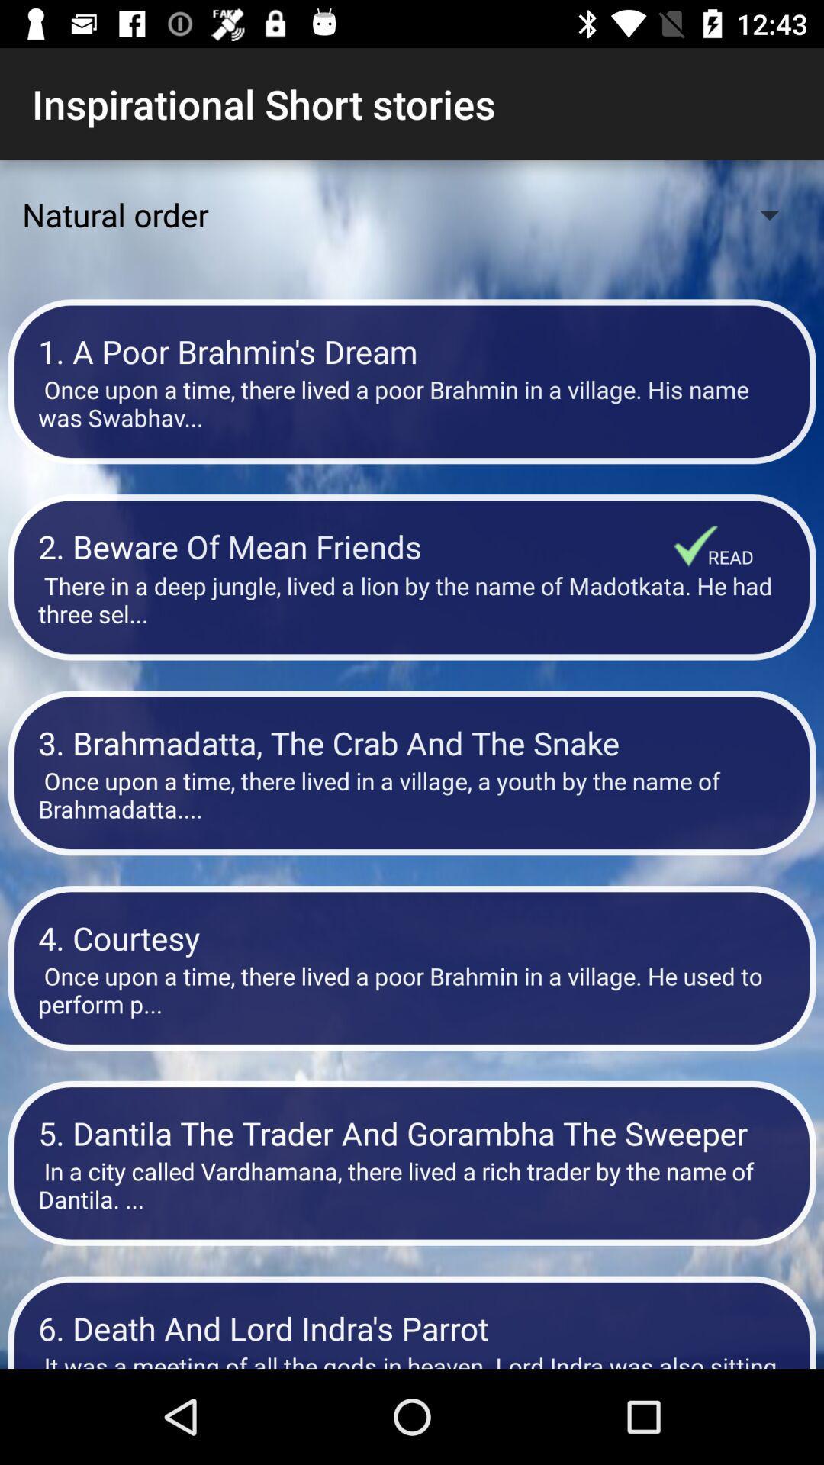 The width and height of the screenshot is (824, 1465). Describe the element at coordinates (356, 546) in the screenshot. I see `2 beware of item` at that location.